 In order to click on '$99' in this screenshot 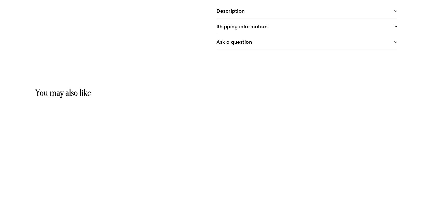, I will do `click(45, 201)`.